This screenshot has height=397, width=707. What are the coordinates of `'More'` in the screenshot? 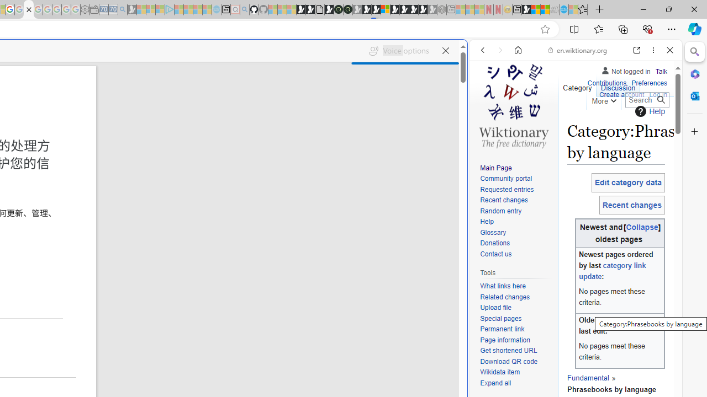 It's located at (603, 98).